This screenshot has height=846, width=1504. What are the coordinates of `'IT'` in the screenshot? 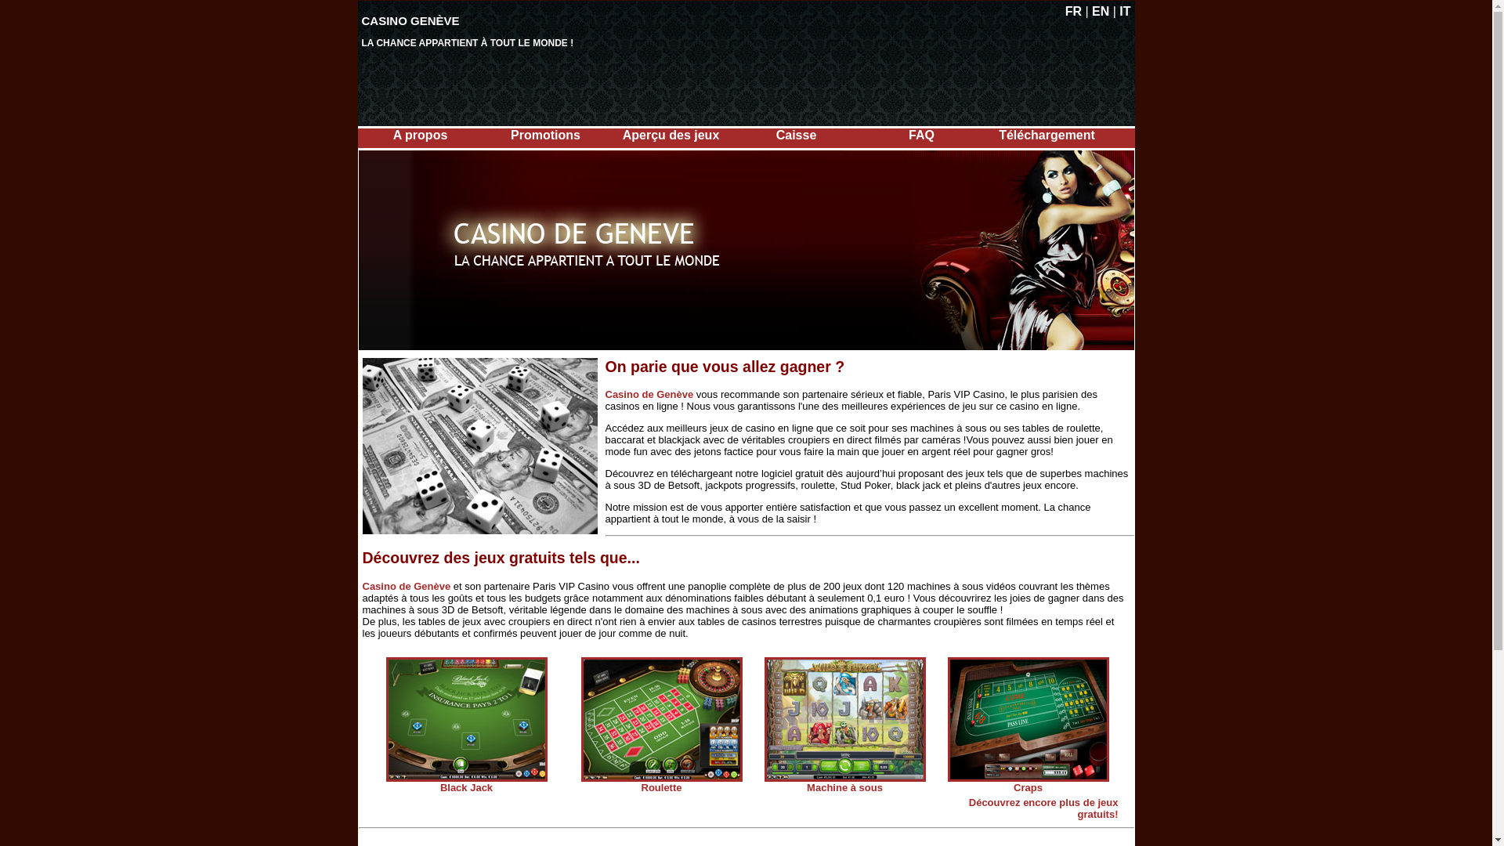 It's located at (1123, 11).